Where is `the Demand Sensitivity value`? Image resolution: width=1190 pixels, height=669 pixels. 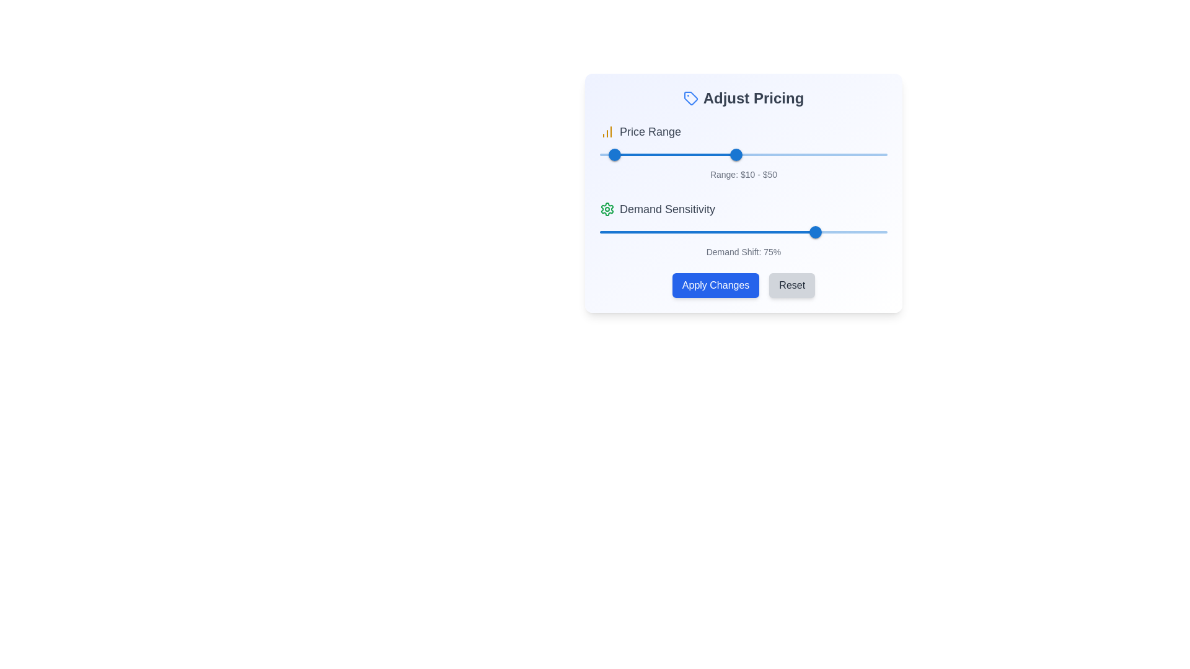 the Demand Sensitivity value is located at coordinates (782, 232).